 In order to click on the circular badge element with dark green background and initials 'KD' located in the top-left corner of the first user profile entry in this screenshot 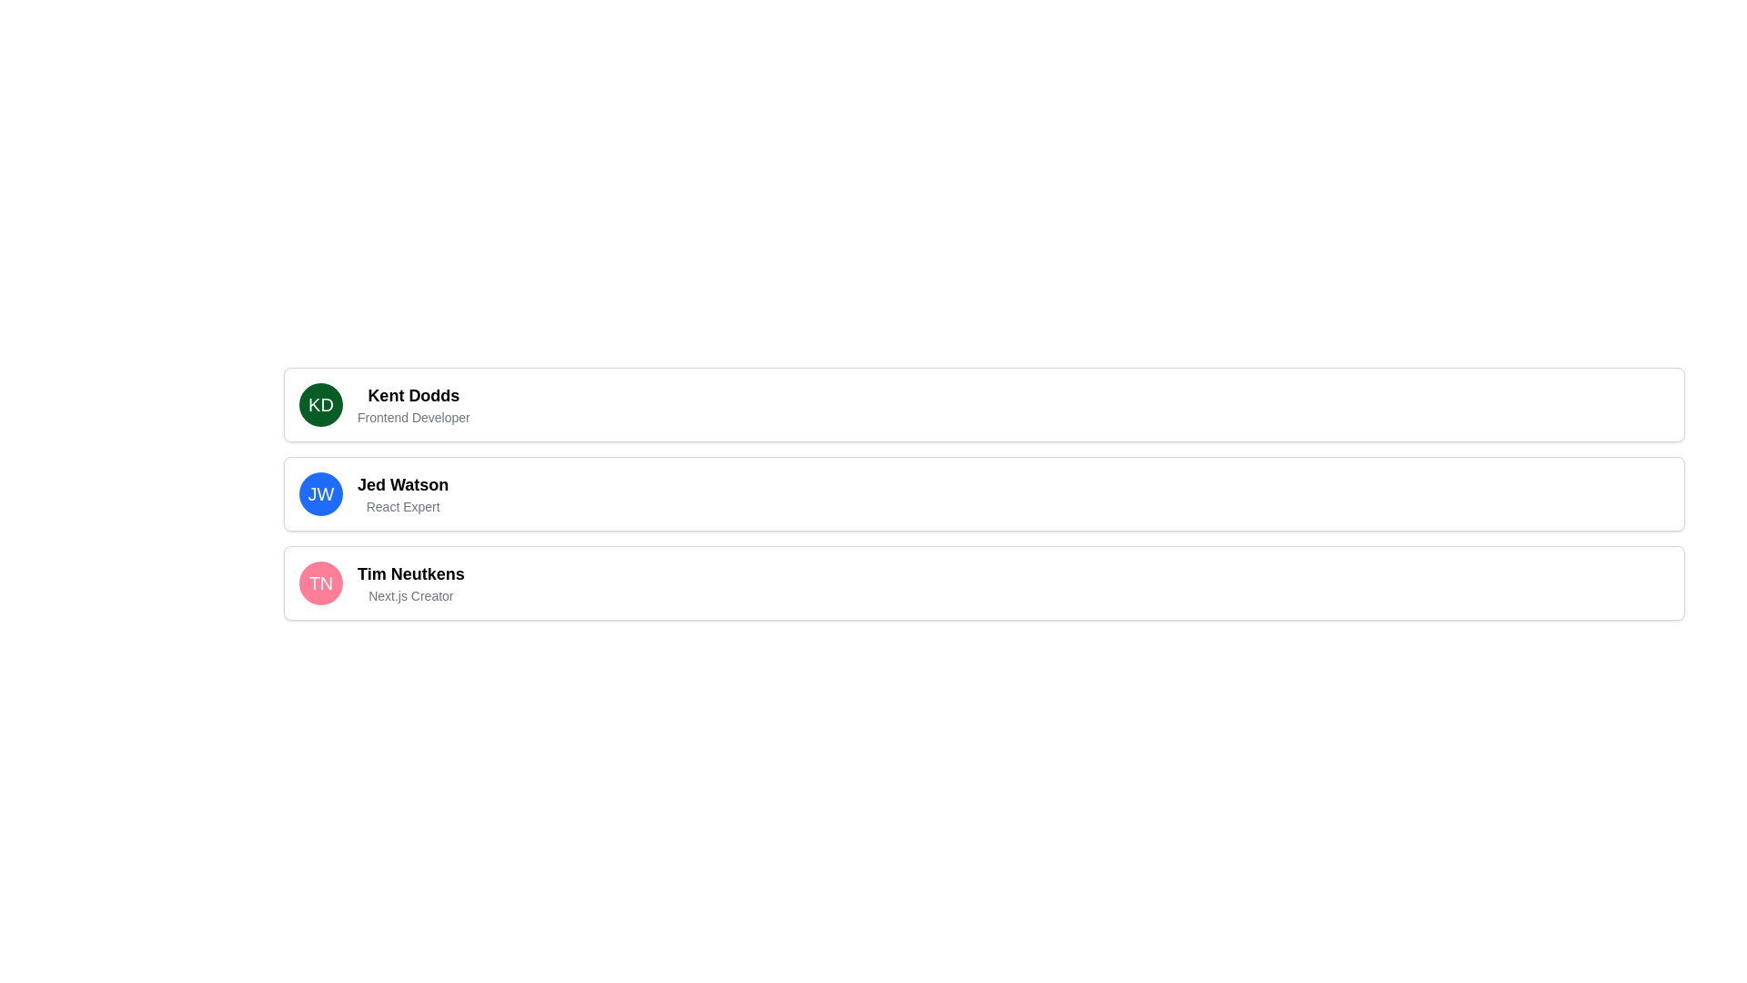, I will do `click(321, 403)`.